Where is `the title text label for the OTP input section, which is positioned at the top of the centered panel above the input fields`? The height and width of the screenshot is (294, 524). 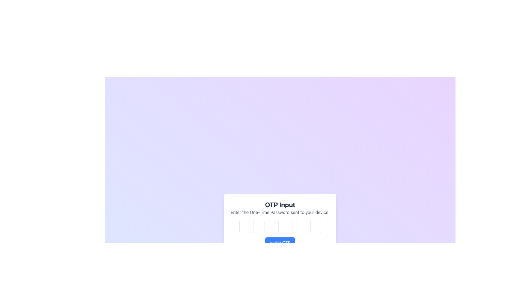
the title text label for the OTP input section, which is positioned at the top of the centered panel above the input fields is located at coordinates (280, 205).